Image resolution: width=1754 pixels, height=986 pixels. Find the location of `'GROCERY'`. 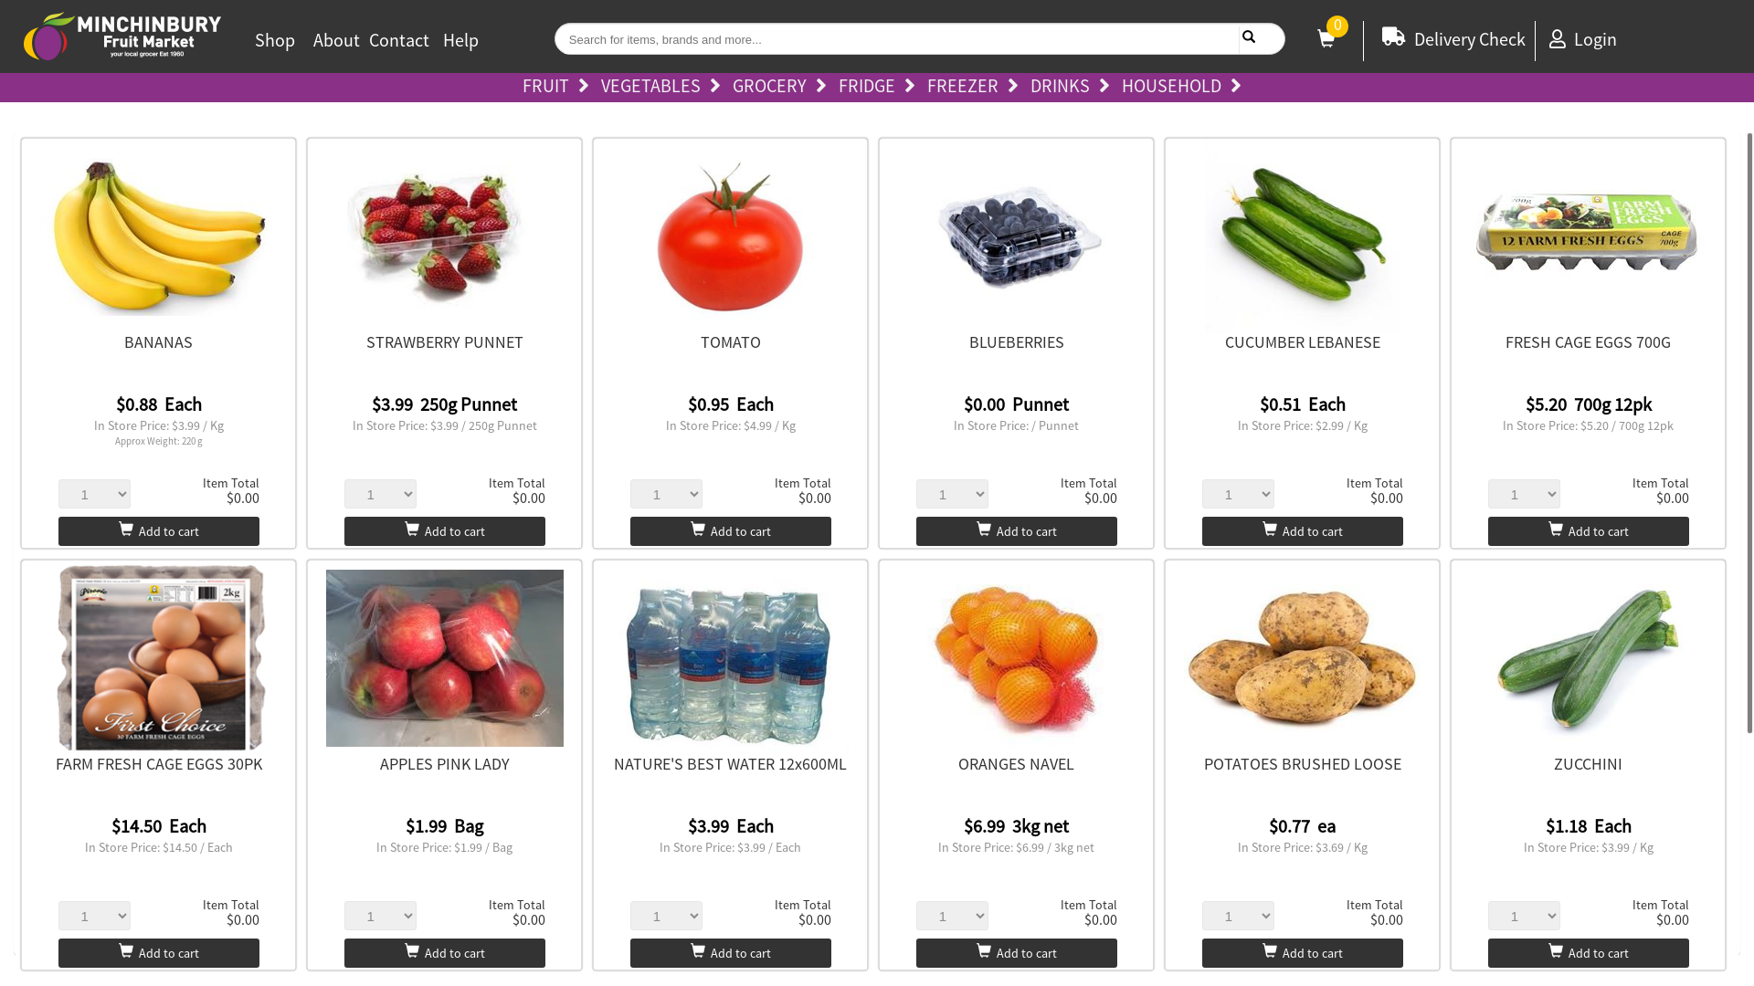

'GROCERY' is located at coordinates (784, 87).